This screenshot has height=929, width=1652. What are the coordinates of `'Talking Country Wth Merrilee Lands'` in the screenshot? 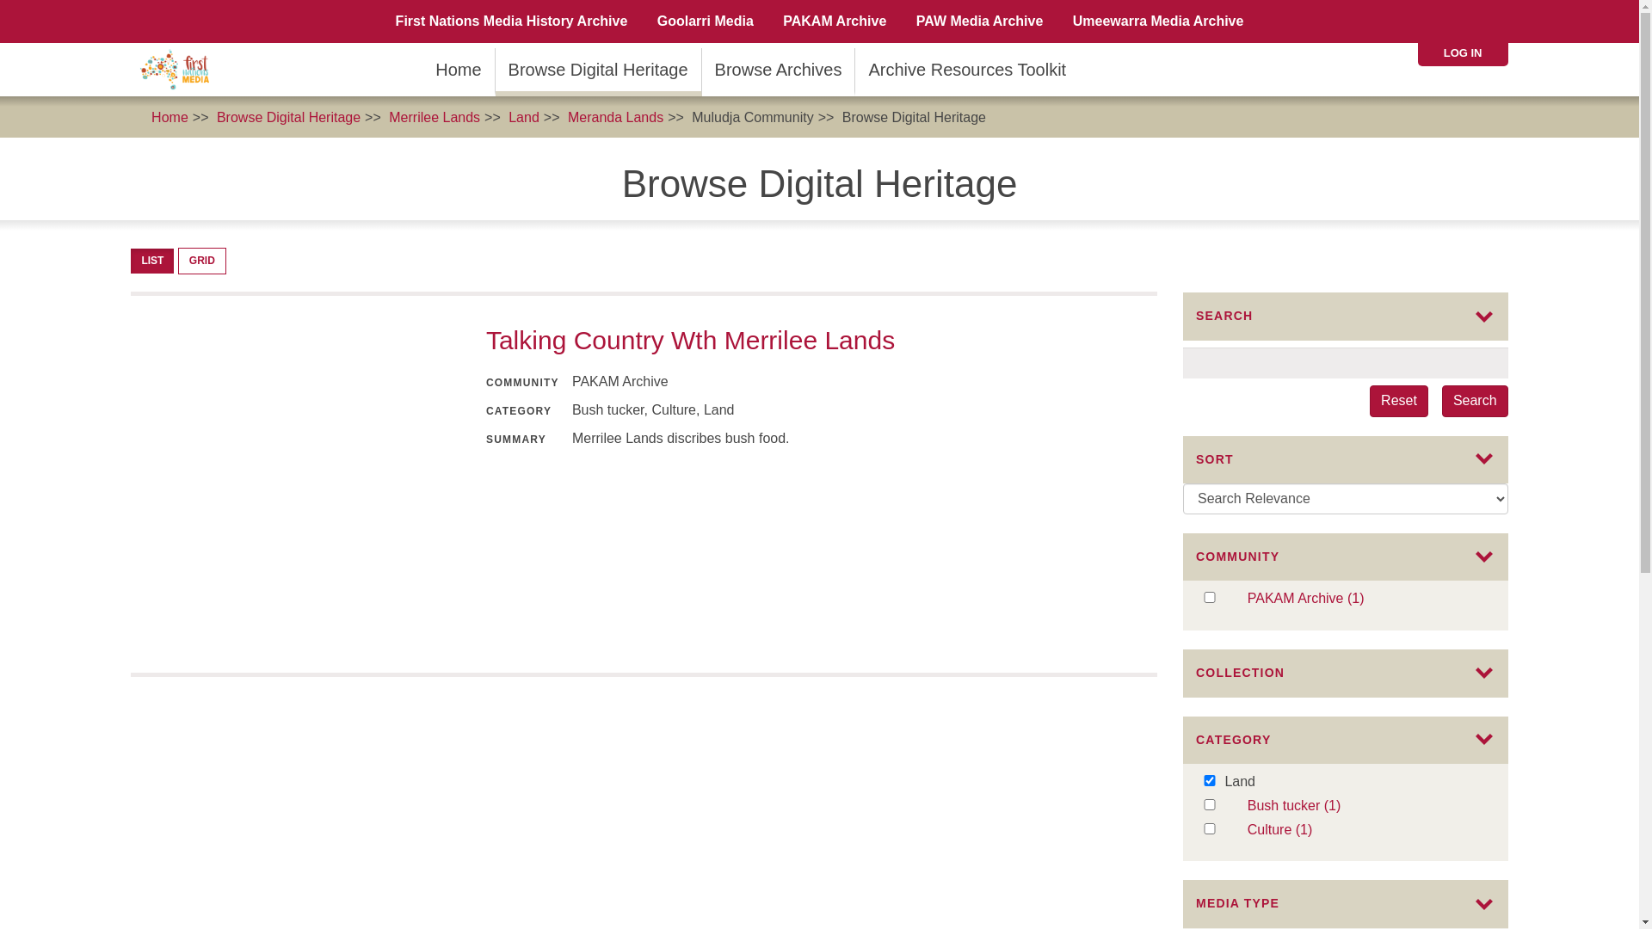 It's located at (690, 340).